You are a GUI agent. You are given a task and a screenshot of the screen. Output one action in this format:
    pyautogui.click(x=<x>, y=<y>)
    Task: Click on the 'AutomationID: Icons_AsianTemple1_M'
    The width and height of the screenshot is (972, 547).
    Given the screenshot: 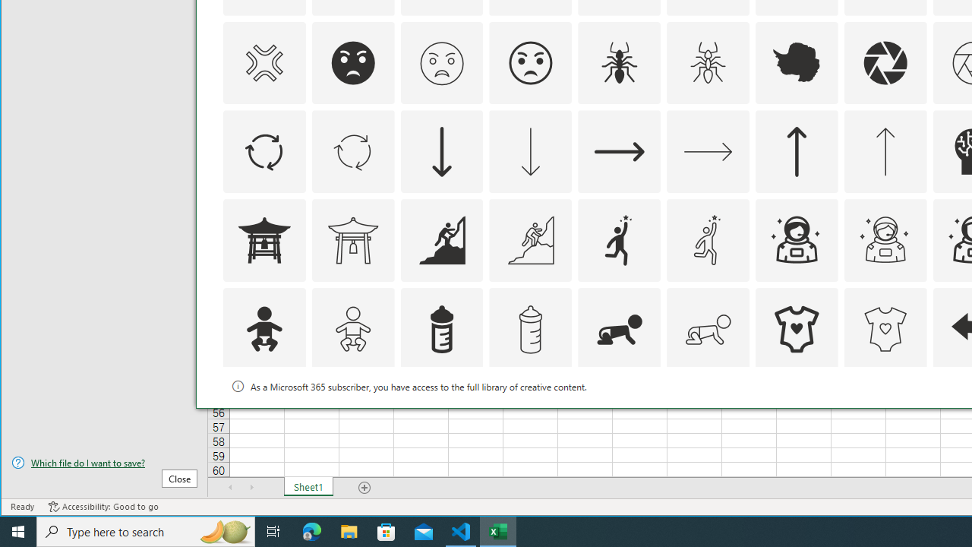 What is the action you would take?
    pyautogui.click(x=352, y=239)
    